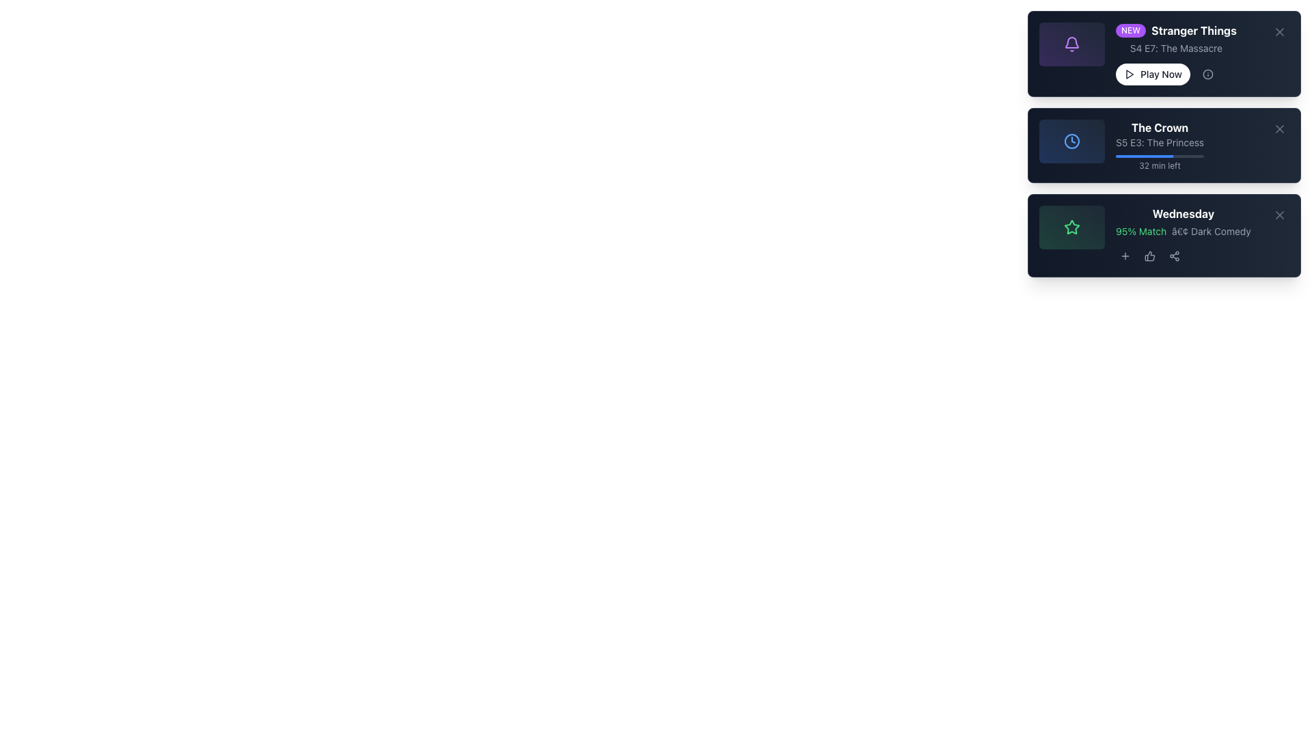 The width and height of the screenshot is (1312, 738). I want to click on the close button located in the top-right corner of the 'Wednesday' list item, so click(1279, 215).